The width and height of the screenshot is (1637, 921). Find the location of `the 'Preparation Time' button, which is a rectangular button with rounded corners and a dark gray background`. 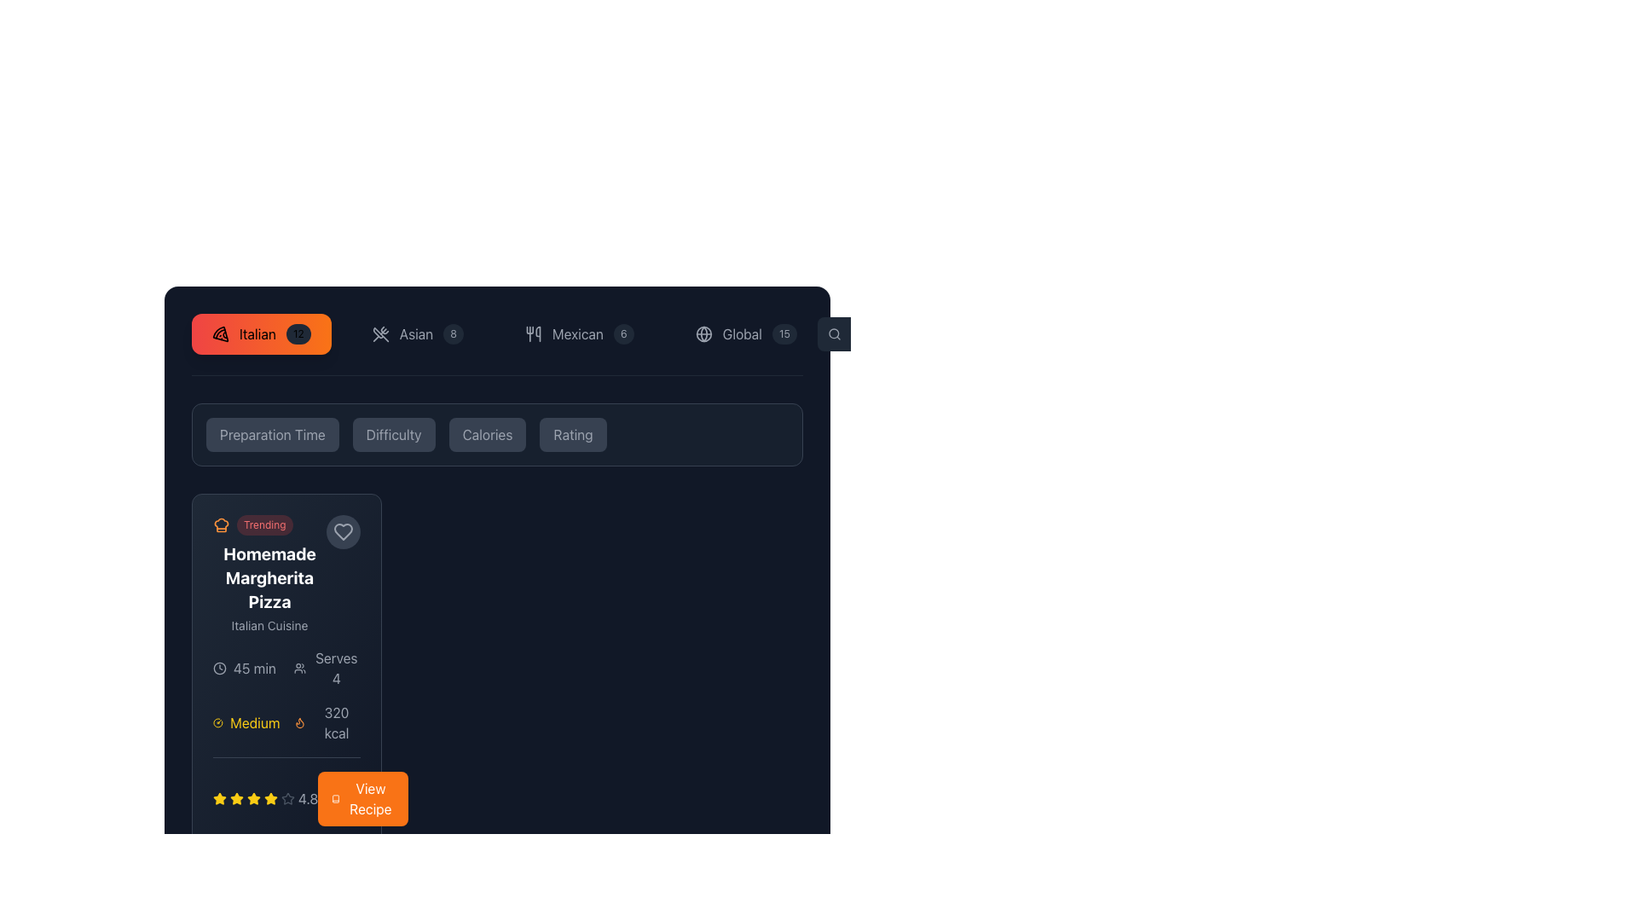

the 'Preparation Time' button, which is a rectangular button with rounded corners and a dark gray background is located at coordinates (271, 433).